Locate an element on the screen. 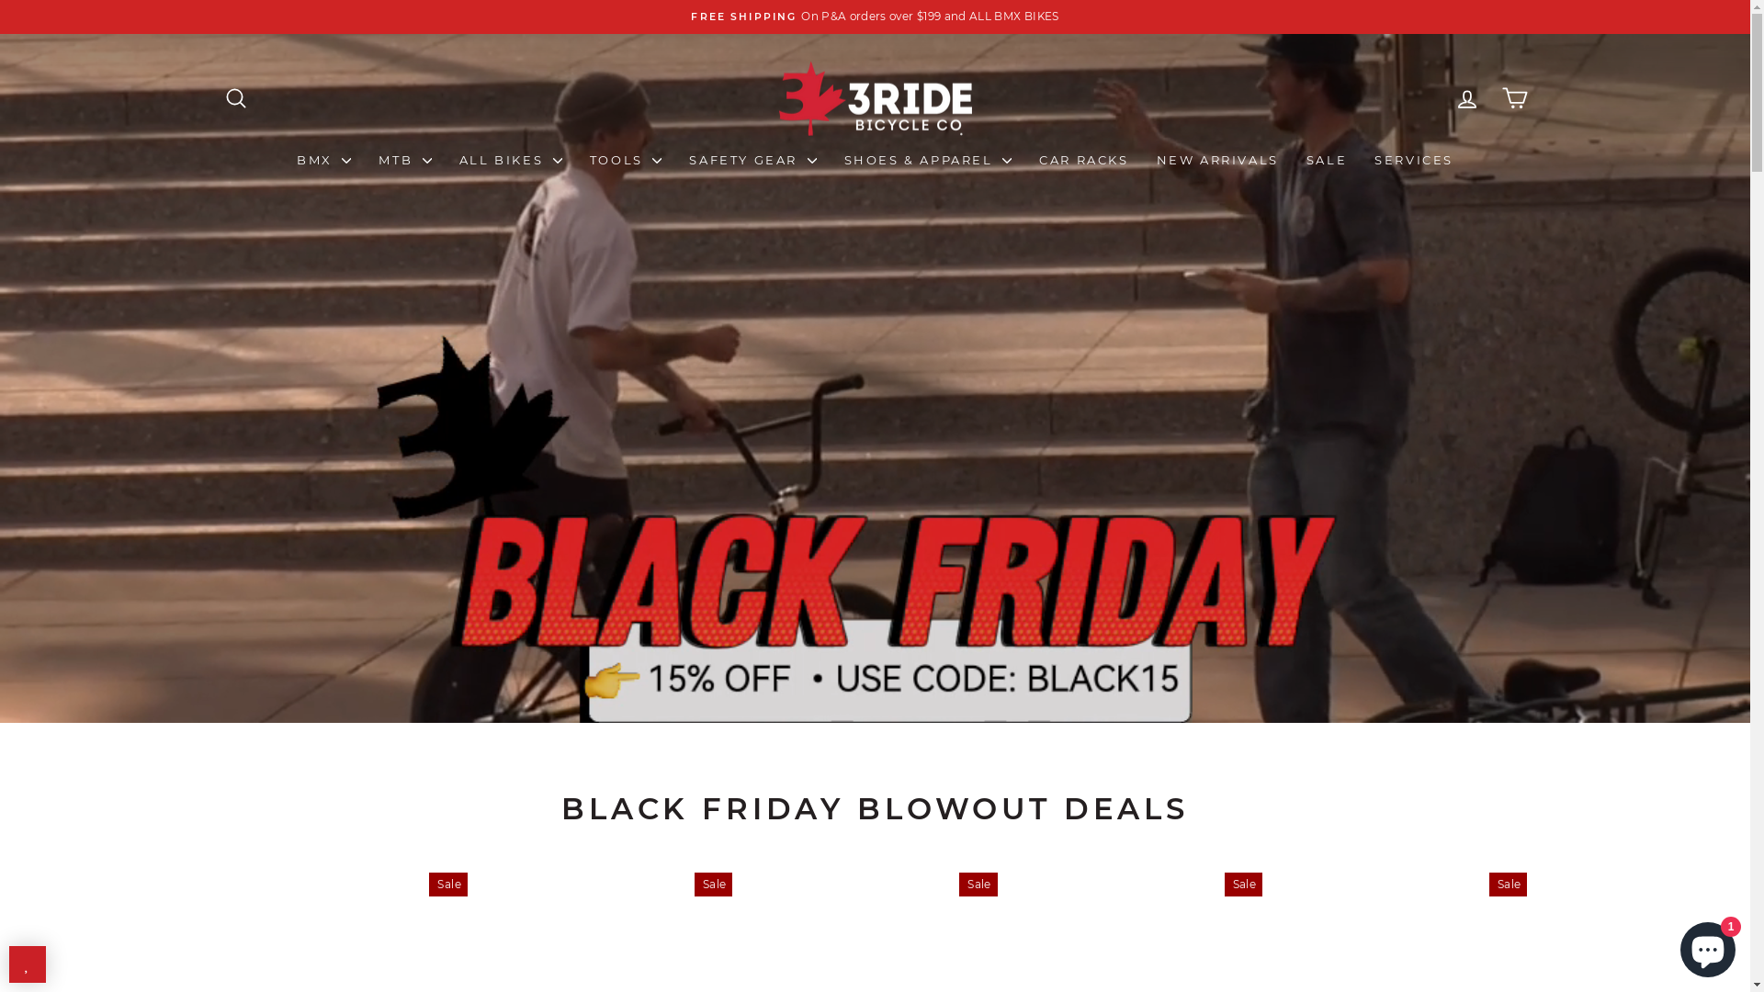 Image resolution: width=1764 pixels, height=992 pixels. 'ICON-SEARCH is located at coordinates (233, 97).